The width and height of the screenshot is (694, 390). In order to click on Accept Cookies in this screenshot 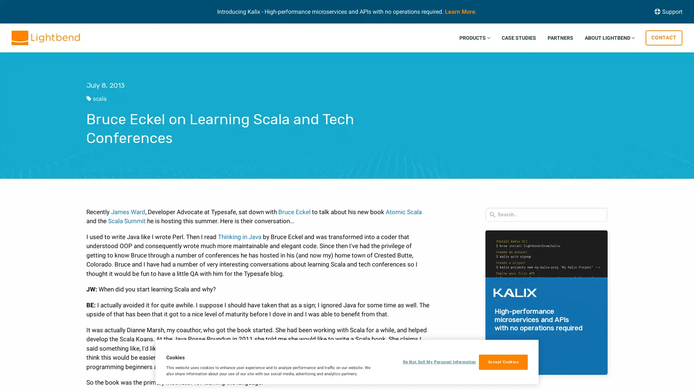, I will do `click(503, 362)`.